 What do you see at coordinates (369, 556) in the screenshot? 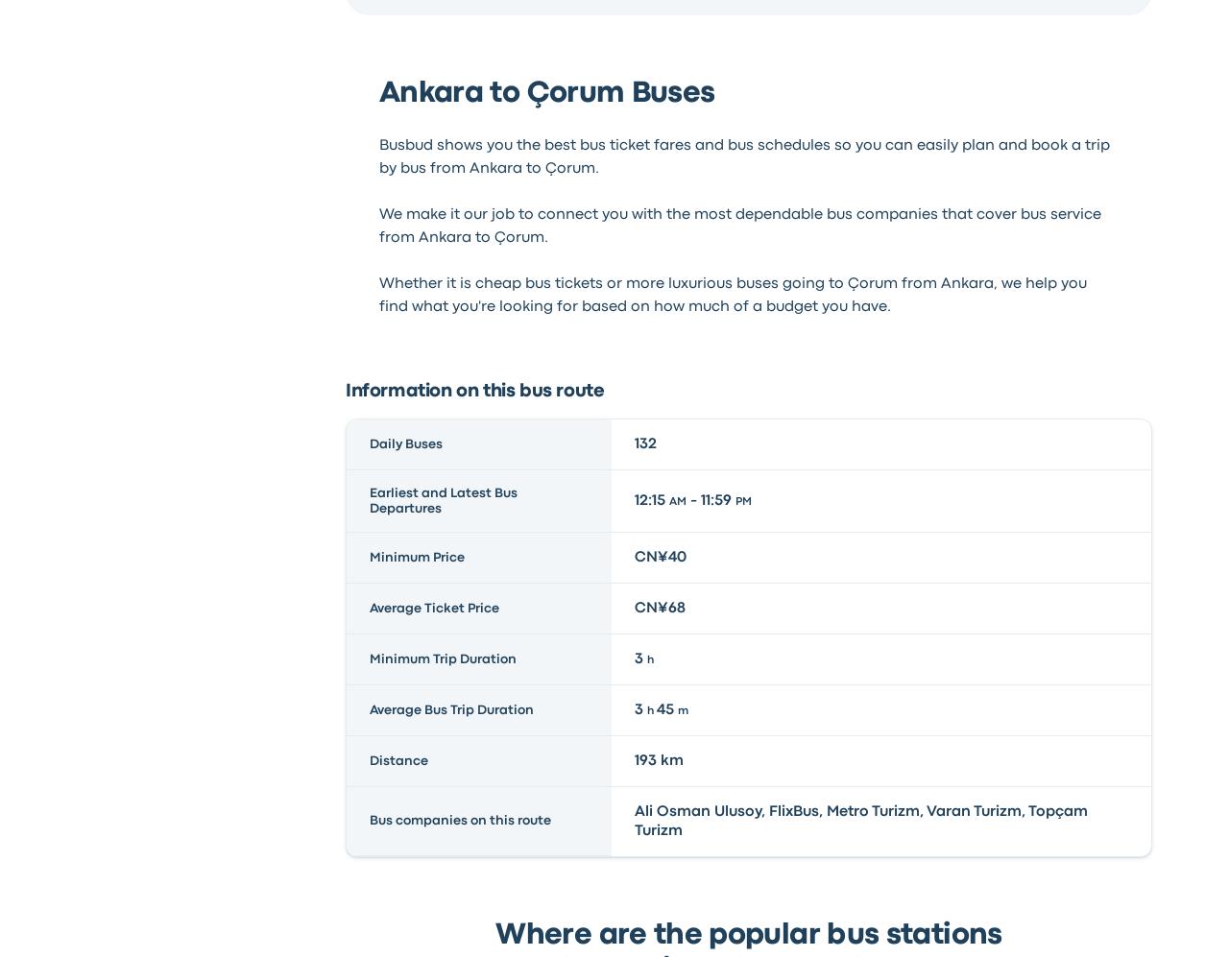
I see `'Minimum Price'` at bounding box center [369, 556].